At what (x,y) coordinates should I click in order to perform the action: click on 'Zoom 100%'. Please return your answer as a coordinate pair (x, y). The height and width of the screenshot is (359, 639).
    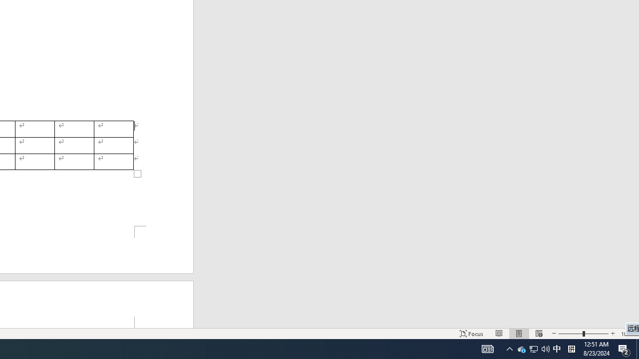
    Looking at the image, I should click on (628, 334).